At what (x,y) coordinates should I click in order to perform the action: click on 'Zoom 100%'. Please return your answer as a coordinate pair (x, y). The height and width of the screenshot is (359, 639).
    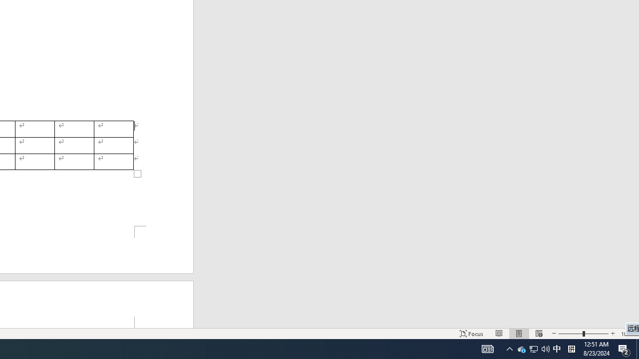
    Looking at the image, I should click on (628, 334).